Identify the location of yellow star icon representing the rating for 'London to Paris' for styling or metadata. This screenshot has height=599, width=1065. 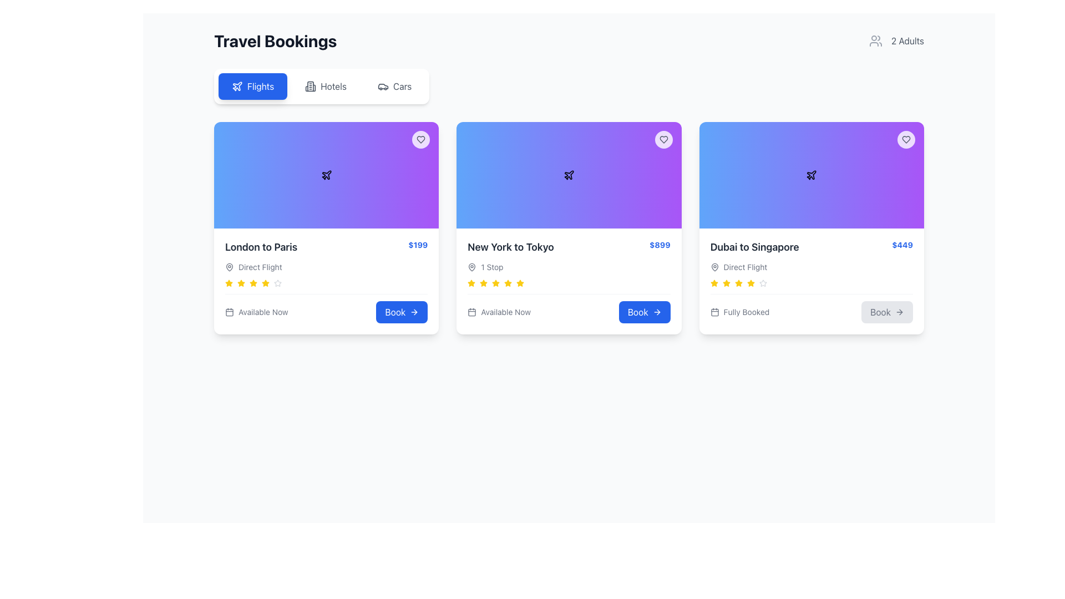
(714, 282).